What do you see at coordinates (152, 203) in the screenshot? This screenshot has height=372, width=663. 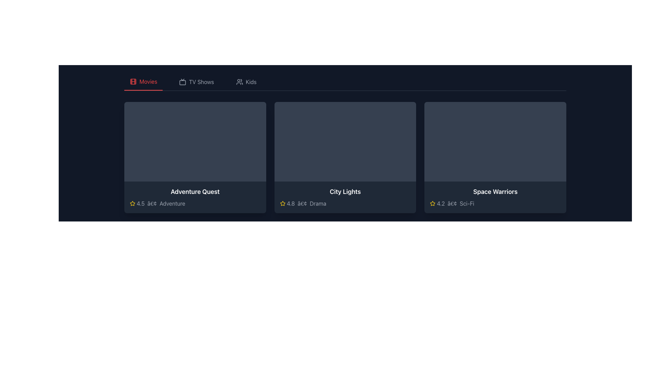 I see `the bullet point symbol ('•') that is the third item in a sequence of text and symbols, positioned between a star icon and the label 'Adventure'` at bounding box center [152, 203].